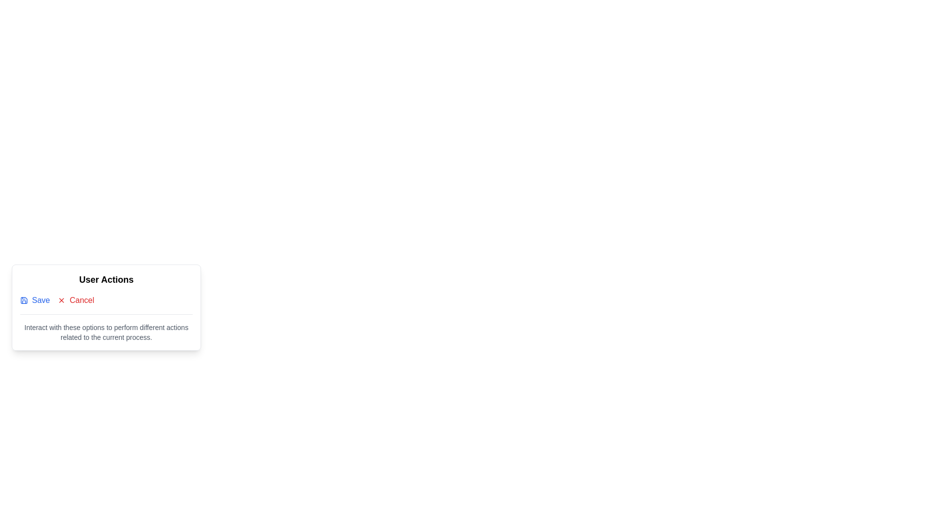 This screenshot has height=532, width=946. Describe the element at coordinates (35, 299) in the screenshot. I see `the 'Save' button located at the top-left of the 'User Actions' group` at that location.